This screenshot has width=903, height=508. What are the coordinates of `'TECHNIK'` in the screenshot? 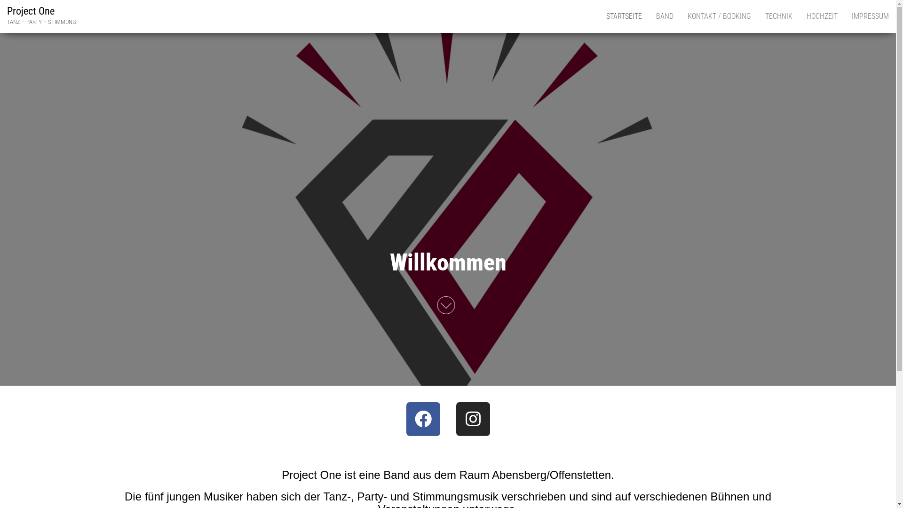 It's located at (779, 16).